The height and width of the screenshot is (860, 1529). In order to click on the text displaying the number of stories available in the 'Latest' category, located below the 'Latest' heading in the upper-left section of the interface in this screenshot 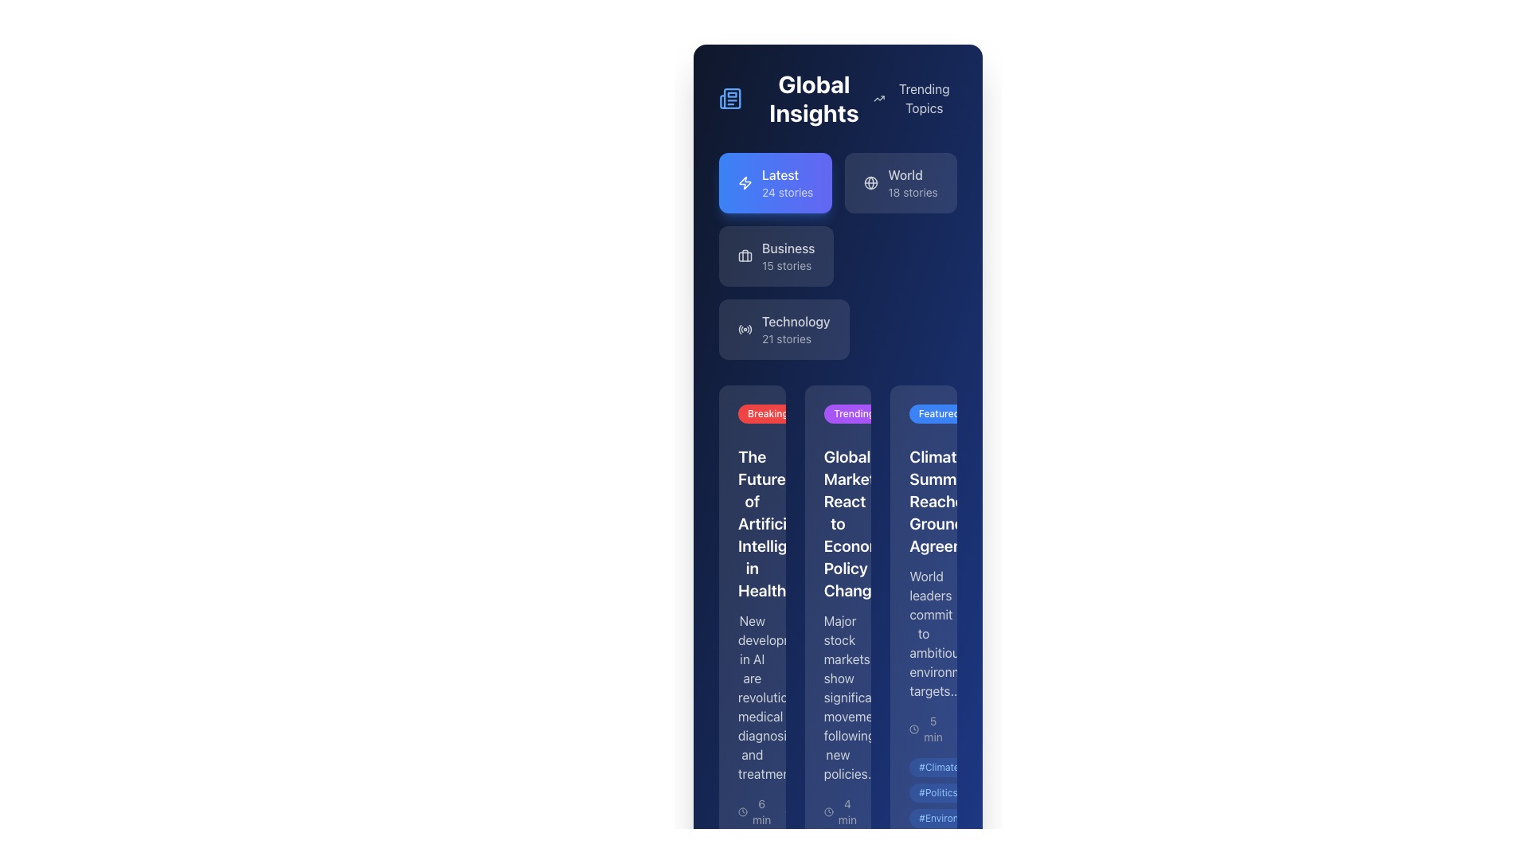, I will do `click(788, 192)`.